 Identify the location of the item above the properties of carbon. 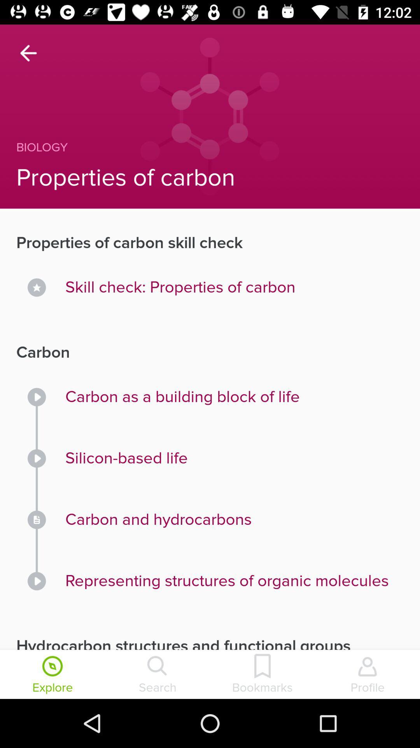
(193, 147).